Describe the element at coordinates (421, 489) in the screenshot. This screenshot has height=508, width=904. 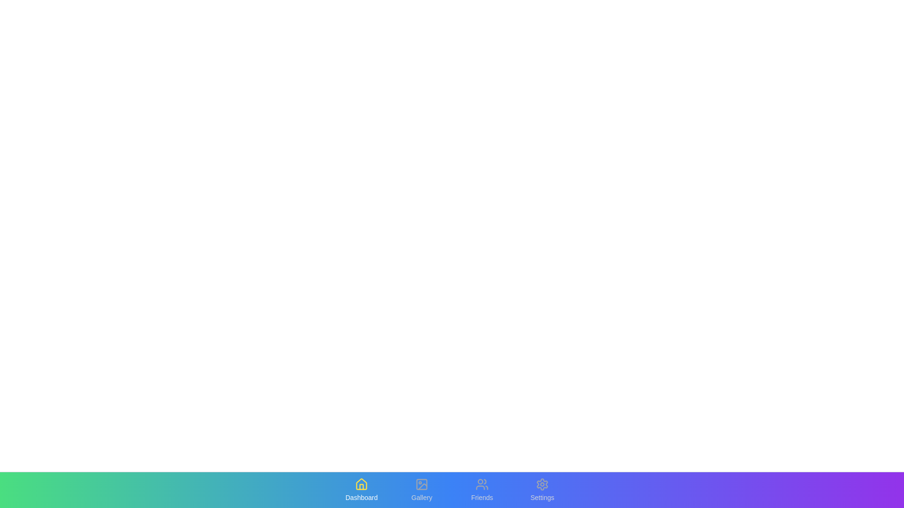
I see `the Gallery tab to observe the hover effect` at that location.